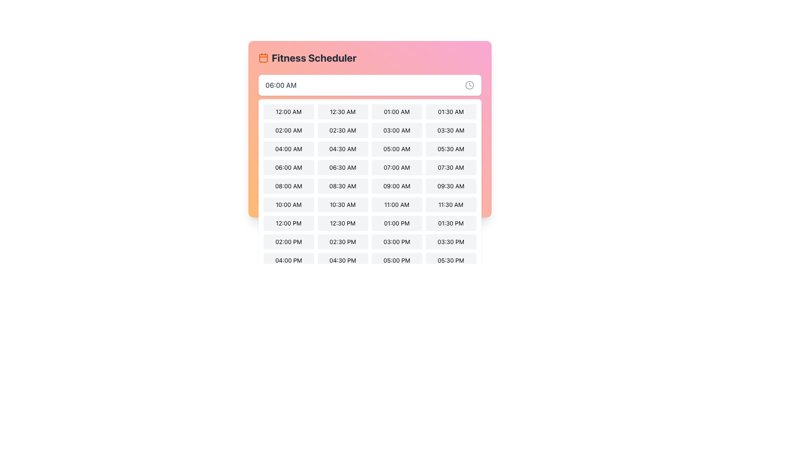  Describe the element at coordinates (450, 205) in the screenshot. I see `the time selection button for '11:30 AM' located in the fourth column of the 'Fitness Scheduler' section grid` at that location.